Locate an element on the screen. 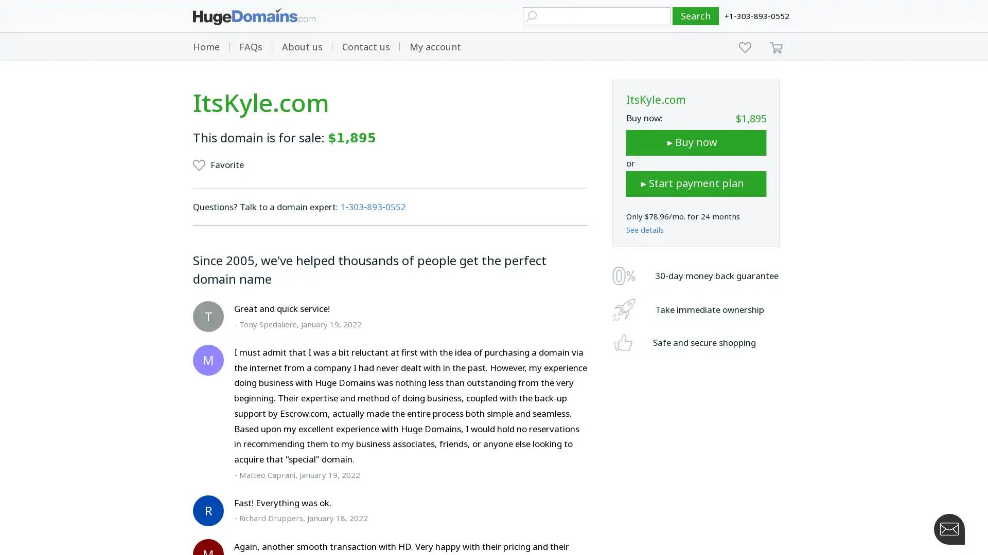 The height and width of the screenshot is (555, 988). Search is located at coordinates (696, 16).